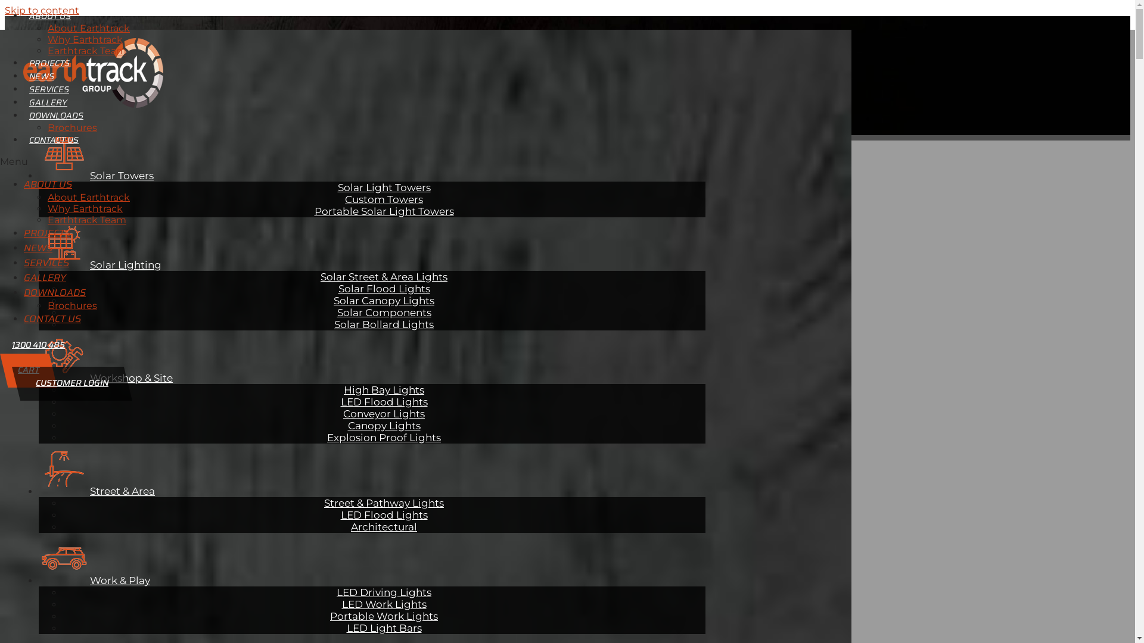 The image size is (1144, 643). What do you see at coordinates (384, 592) in the screenshot?
I see `'LED Driving Lights'` at bounding box center [384, 592].